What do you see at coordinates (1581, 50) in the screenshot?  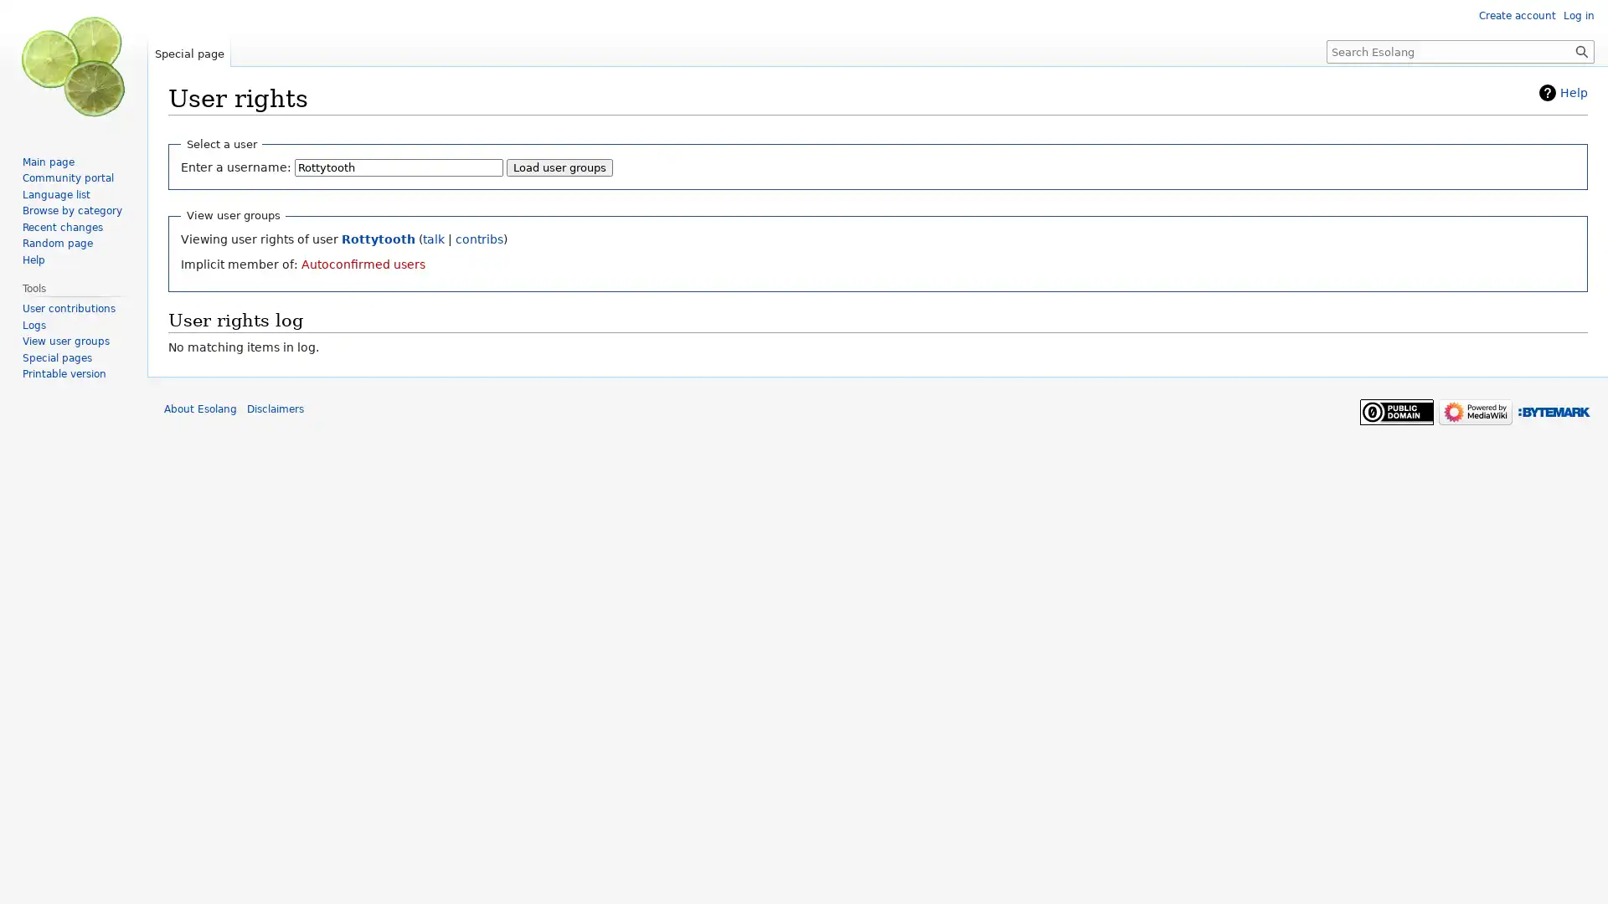 I see `Search` at bounding box center [1581, 50].